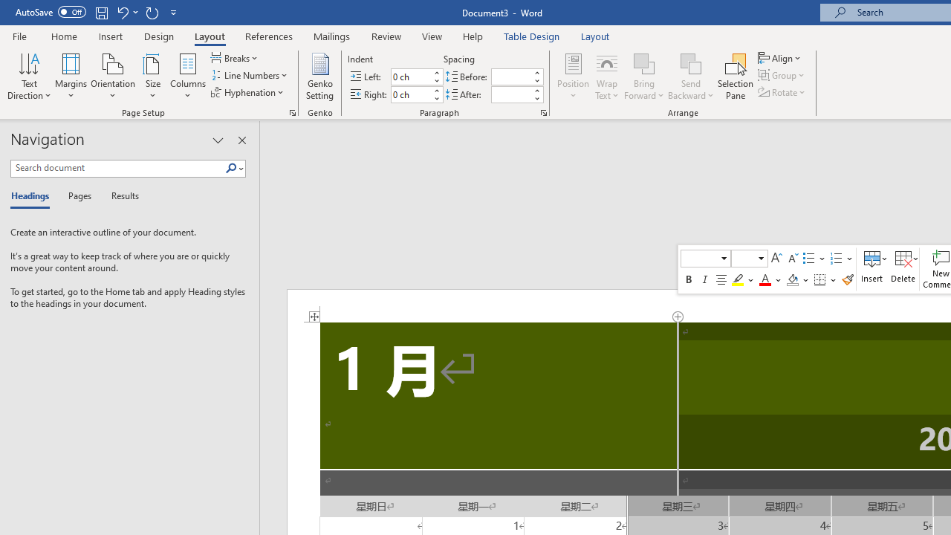  I want to click on 'Page Setup...', so click(293, 111).